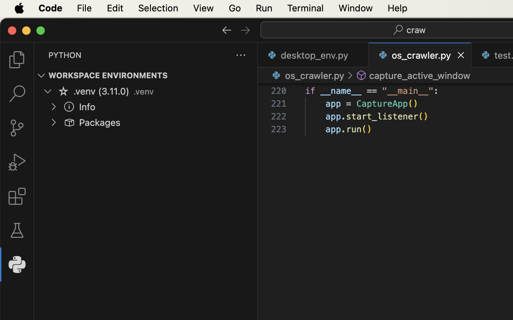 This screenshot has height=320, width=513. Describe the element at coordinates (306, 75) in the screenshot. I see `'os_crawler.py '` at that location.